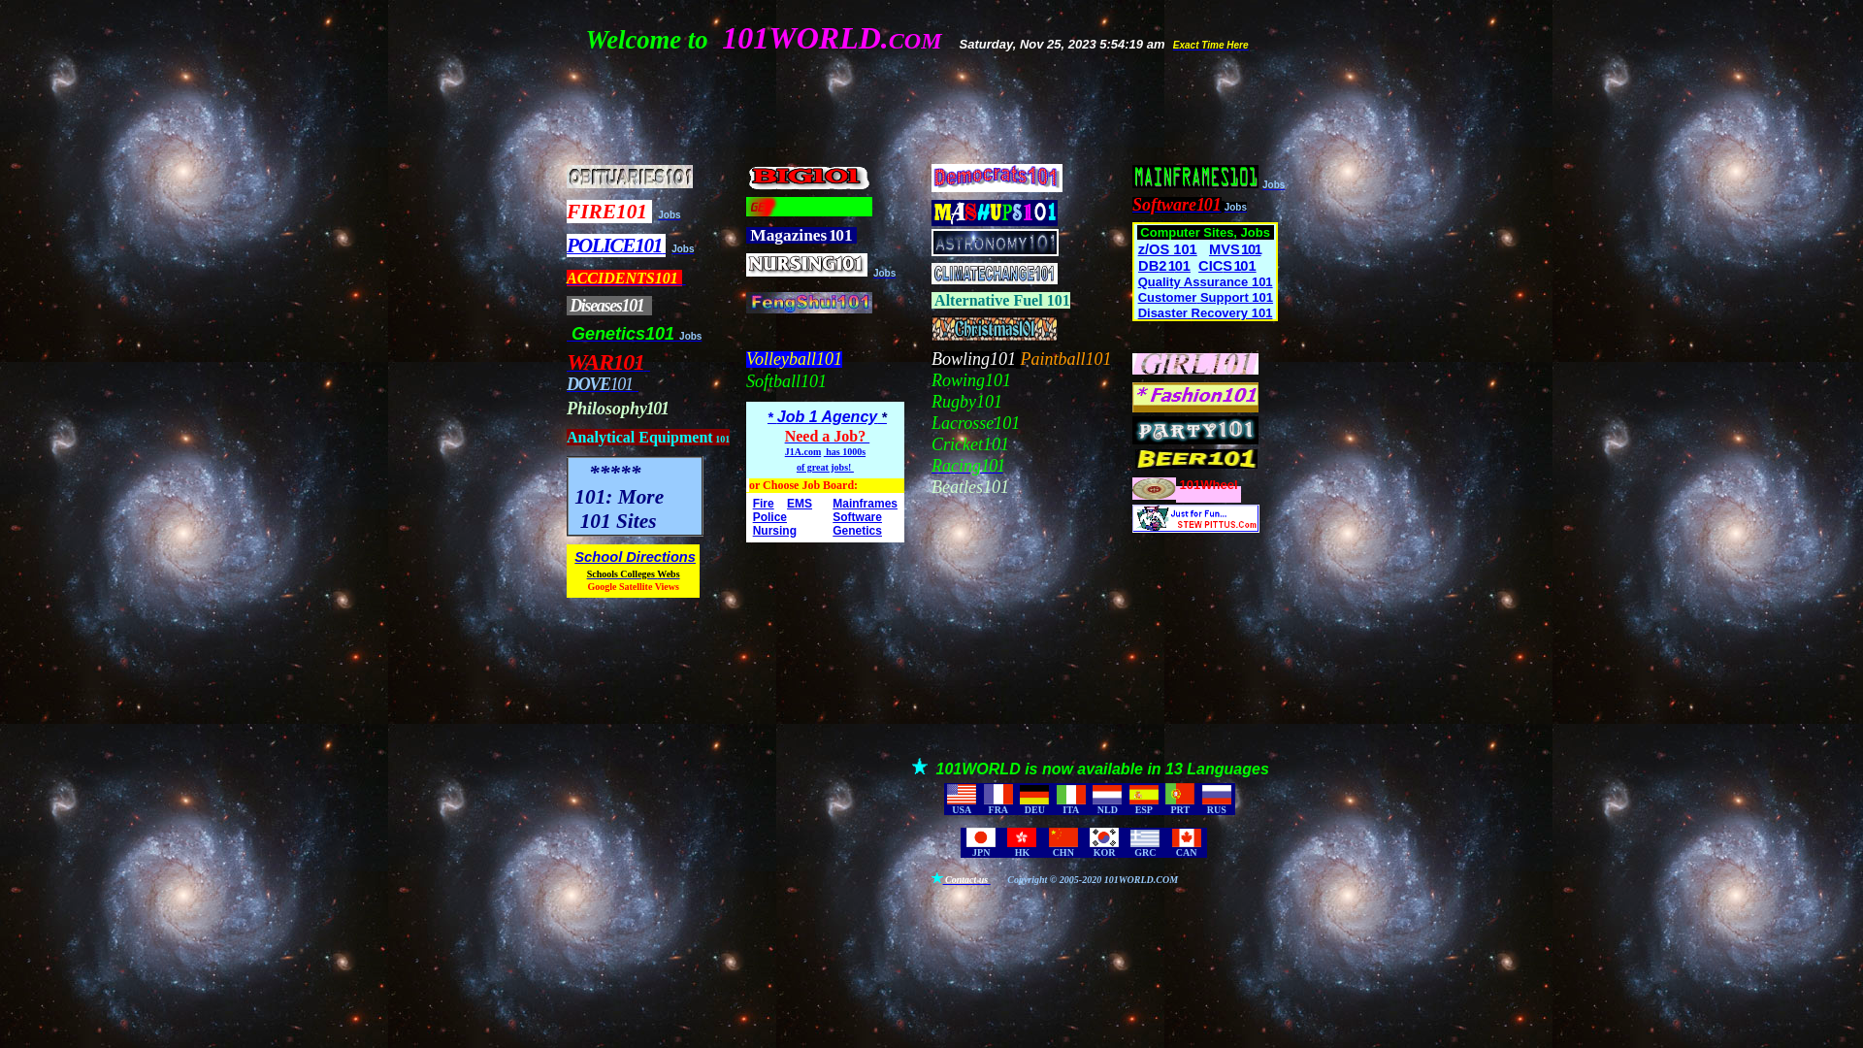 This screenshot has height=1048, width=1863. Describe the element at coordinates (615, 485) in the screenshot. I see `'   *****` at that location.